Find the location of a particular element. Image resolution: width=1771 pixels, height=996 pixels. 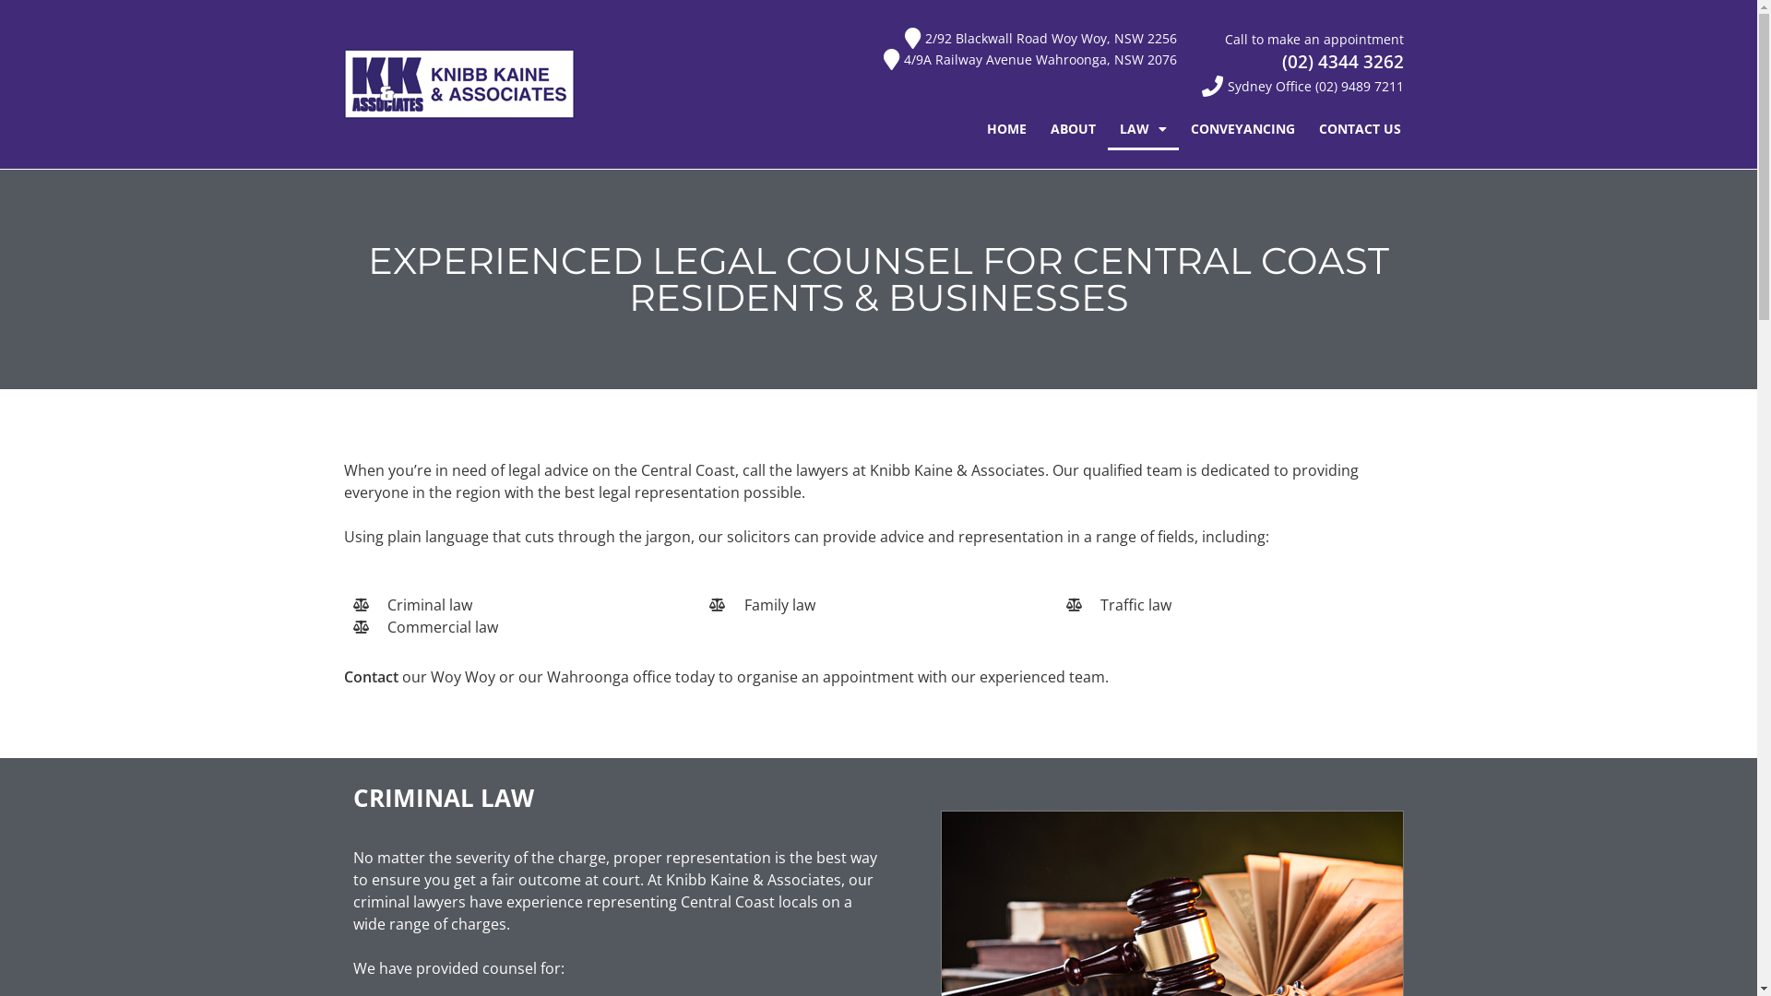

'LAW' is located at coordinates (1142, 127).